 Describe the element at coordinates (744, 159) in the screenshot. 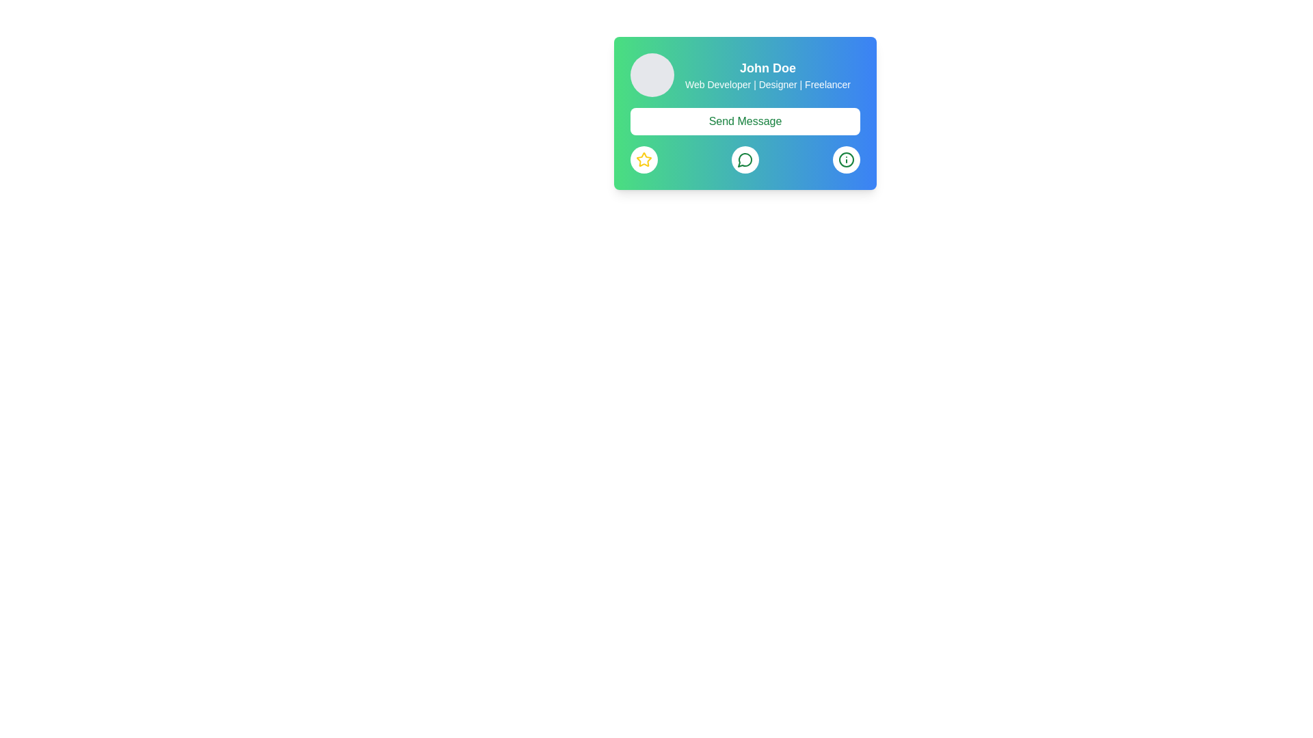

I see `the second circular button with a green speech bubble icon located beneath the 'Send Message' button` at that location.